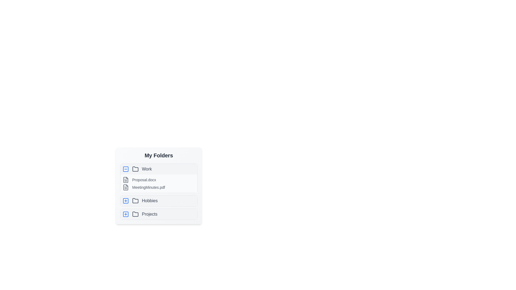 The width and height of the screenshot is (516, 290). Describe the element at coordinates (125, 180) in the screenshot. I see `the file Proposal.docx to view its details` at that location.